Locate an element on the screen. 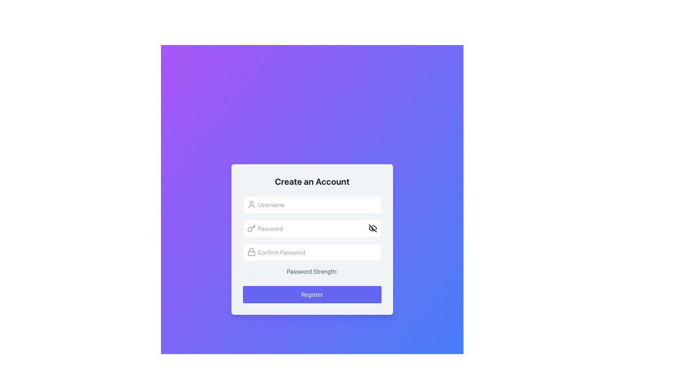 The width and height of the screenshot is (693, 389). the eye icon with a diagonal line crossing through it, which is used as a 'hide/show password' toggle, located to the right of the password input field is located at coordinates (372, 228).